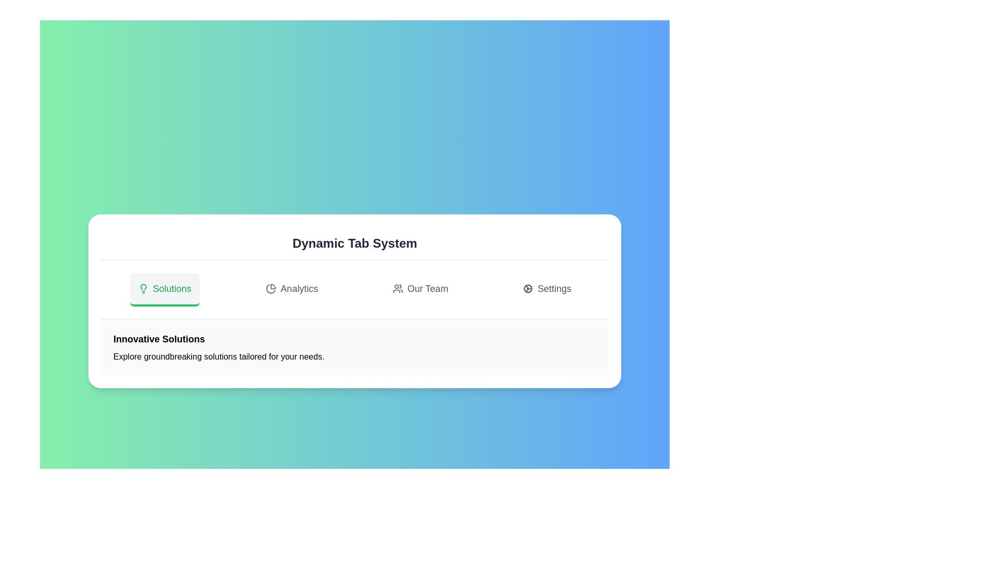  What do you see at coordinates (528, 289) in the screenshot?
I see `the cog-shaped settings icon located to the left of the 'Settings' text in the navigation menu bar` at bounding box center [528, 289].